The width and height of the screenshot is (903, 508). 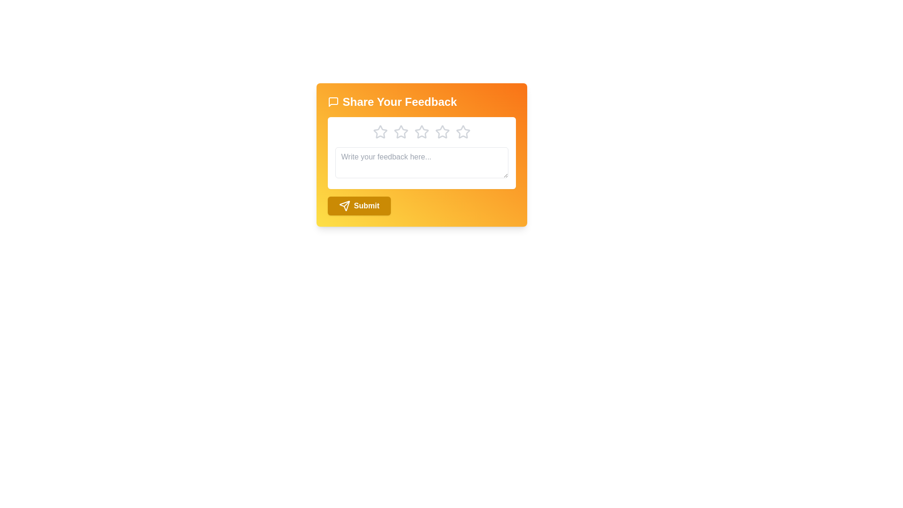 What do you see at coordinates (358, 206) in the screenshot?
I see `the submit button located at the bottom center of the 'Share Your Feedback' area` at bounding box center [358, 206].